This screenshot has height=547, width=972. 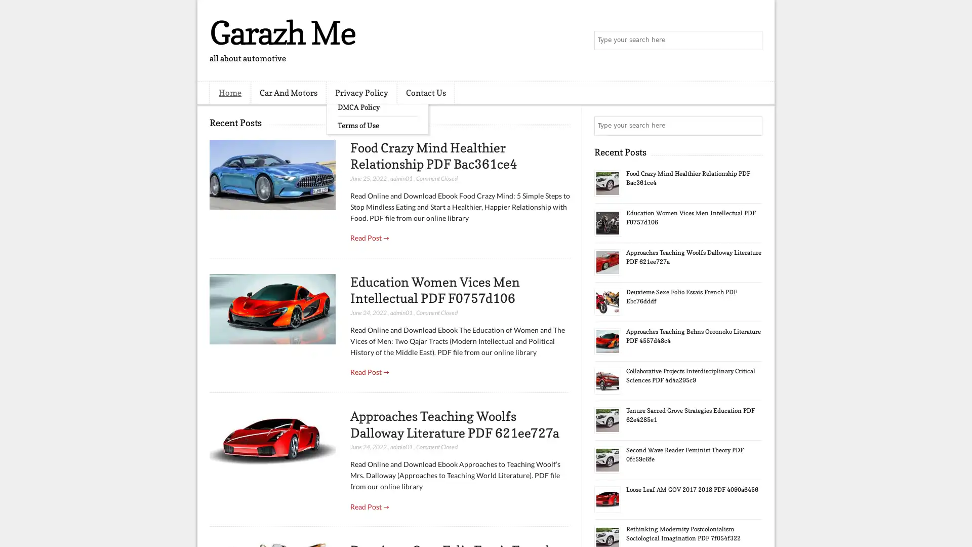 What do you see at coordinates (752, 41) in the screenshot?
I see `Search` at bounding box center [752, 41].